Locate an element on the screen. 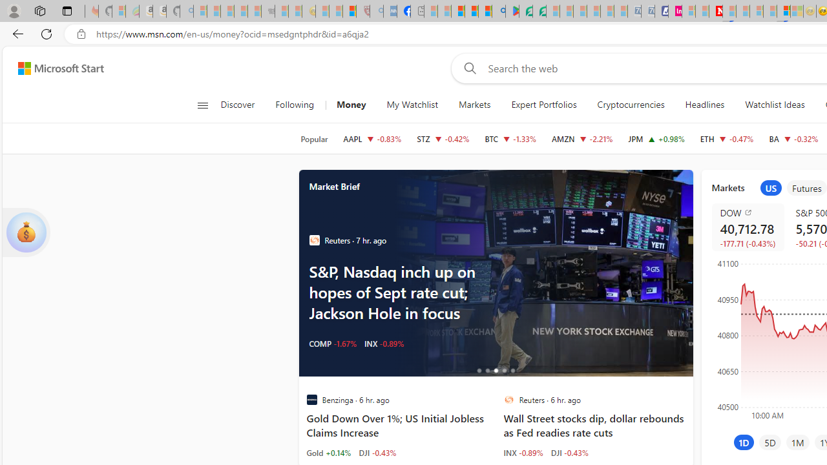 Image resolution: width=827 pixels, height=465 pixels. 'MSNBC - MSN - Sleeping' is located at coordinates (430, 11).